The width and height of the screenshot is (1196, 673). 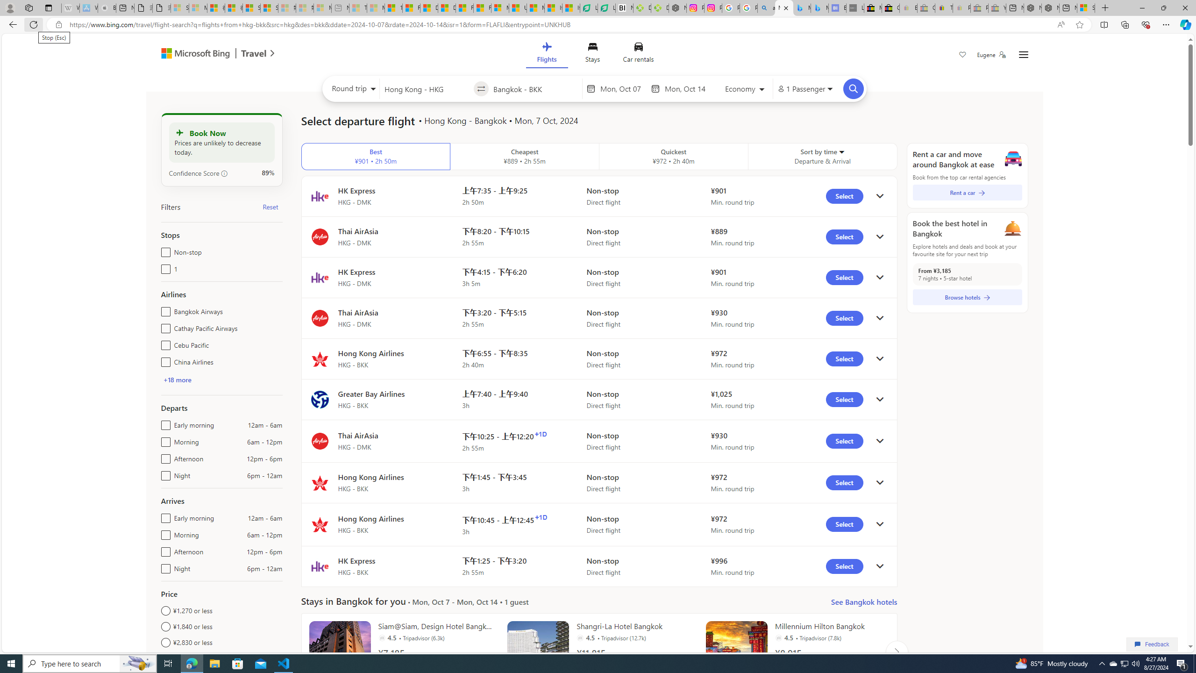 What do you see at coordinates (164, 549) in the screenshot?
I see `'Afternoon12pm - 6pm'` at bounding box center [164, 549].